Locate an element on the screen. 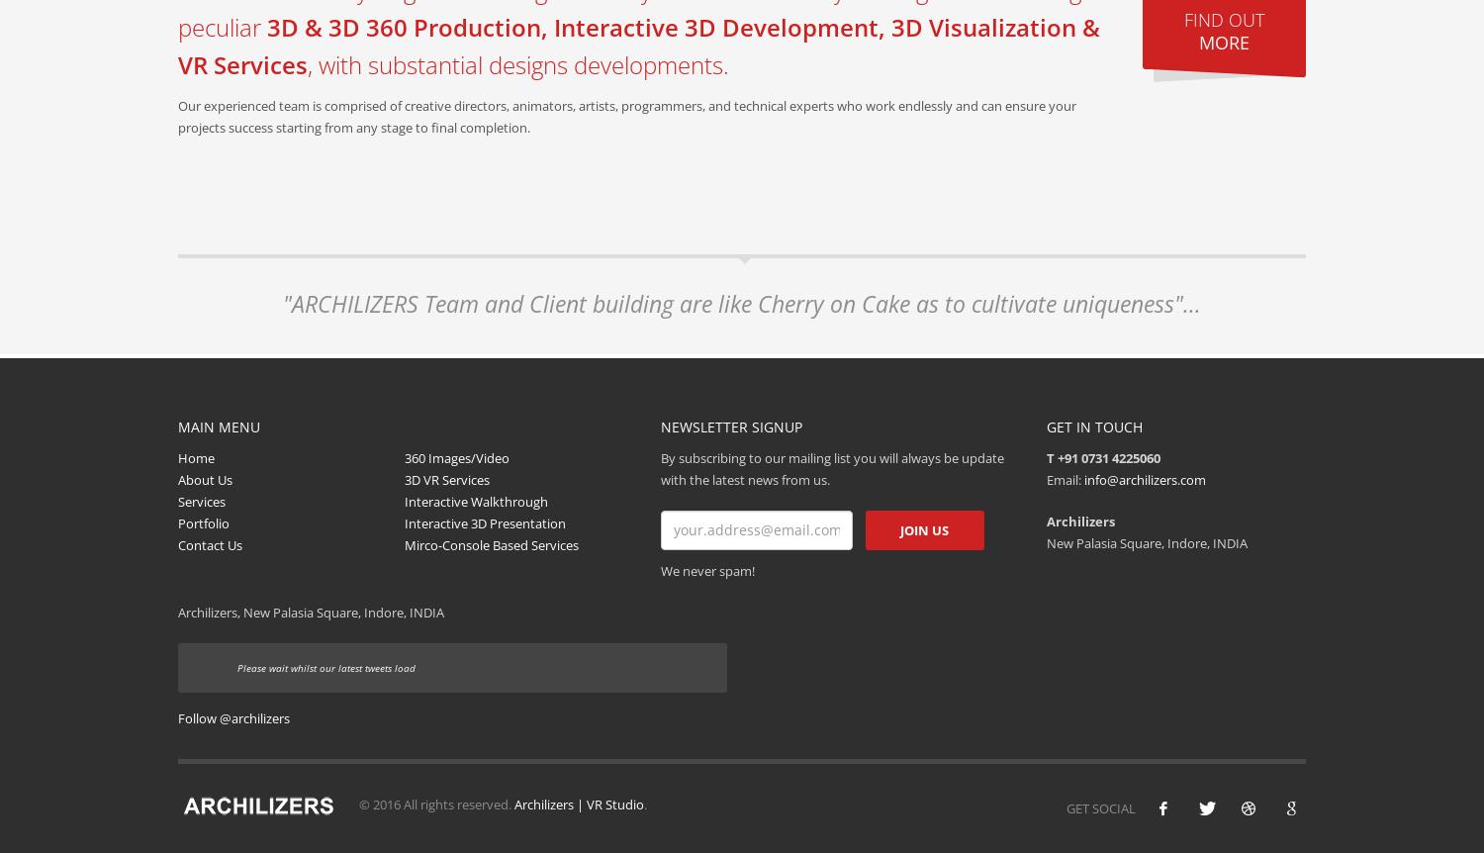 The width and height of the screenshot is (1484, 853). 'New Palasia Square, Indore, INDIA' is located at coordinates (1146, 540).